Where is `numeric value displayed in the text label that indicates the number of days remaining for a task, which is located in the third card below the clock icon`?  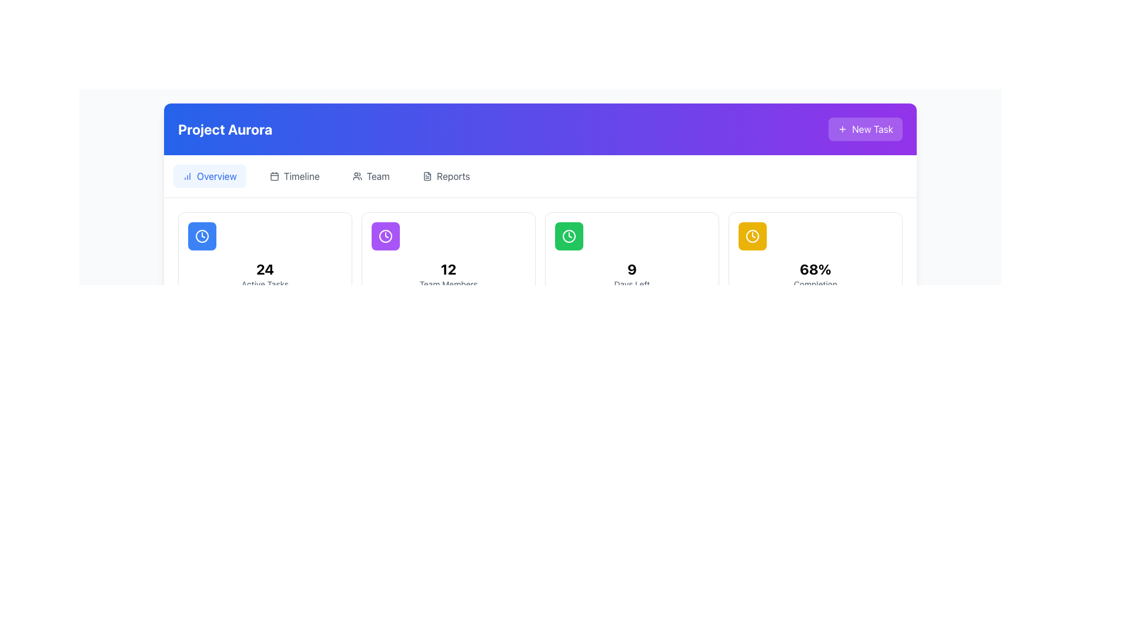 numeric value displayed in the text label that indicates the number of days remaining for a task, which is located in the third card below the clock icon is located at coordinates (632, 269).